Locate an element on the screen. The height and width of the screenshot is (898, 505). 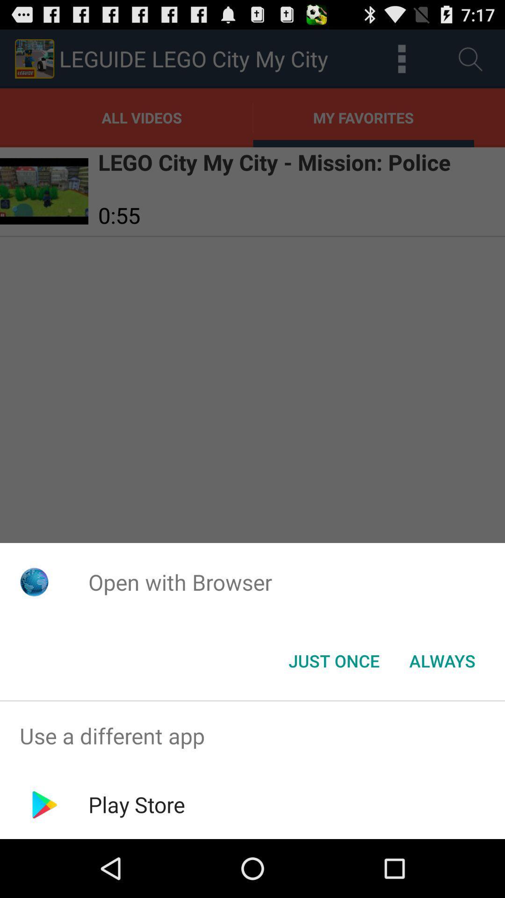
item next to the just once item is located at coordinates (442, 660).